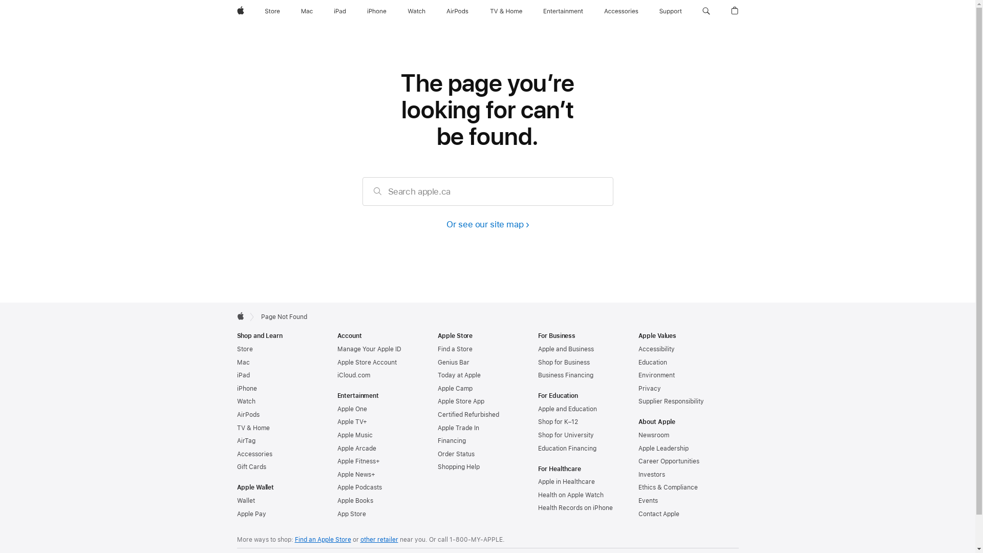 The width and height of the screenshot is (983, 553). What do you see at coordinates (353, 375) in the screenshot?
I see `'iCloud.com'` at bounding box center [353, 375].